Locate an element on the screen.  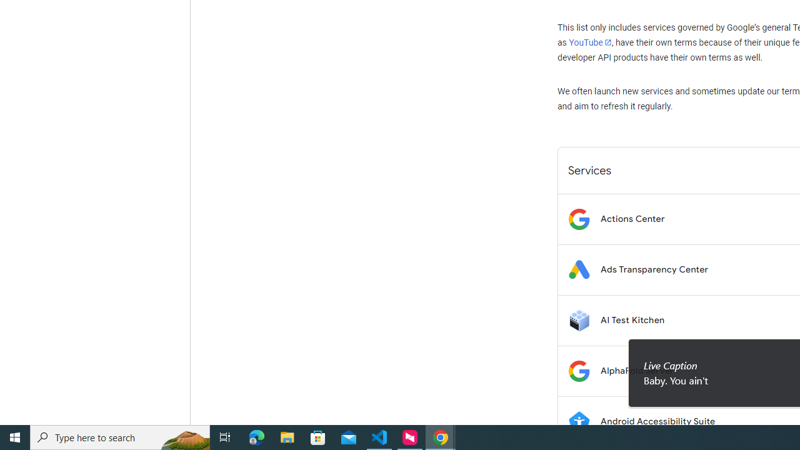
'Logo for Actions Center' is located at coordinates (578, 218).